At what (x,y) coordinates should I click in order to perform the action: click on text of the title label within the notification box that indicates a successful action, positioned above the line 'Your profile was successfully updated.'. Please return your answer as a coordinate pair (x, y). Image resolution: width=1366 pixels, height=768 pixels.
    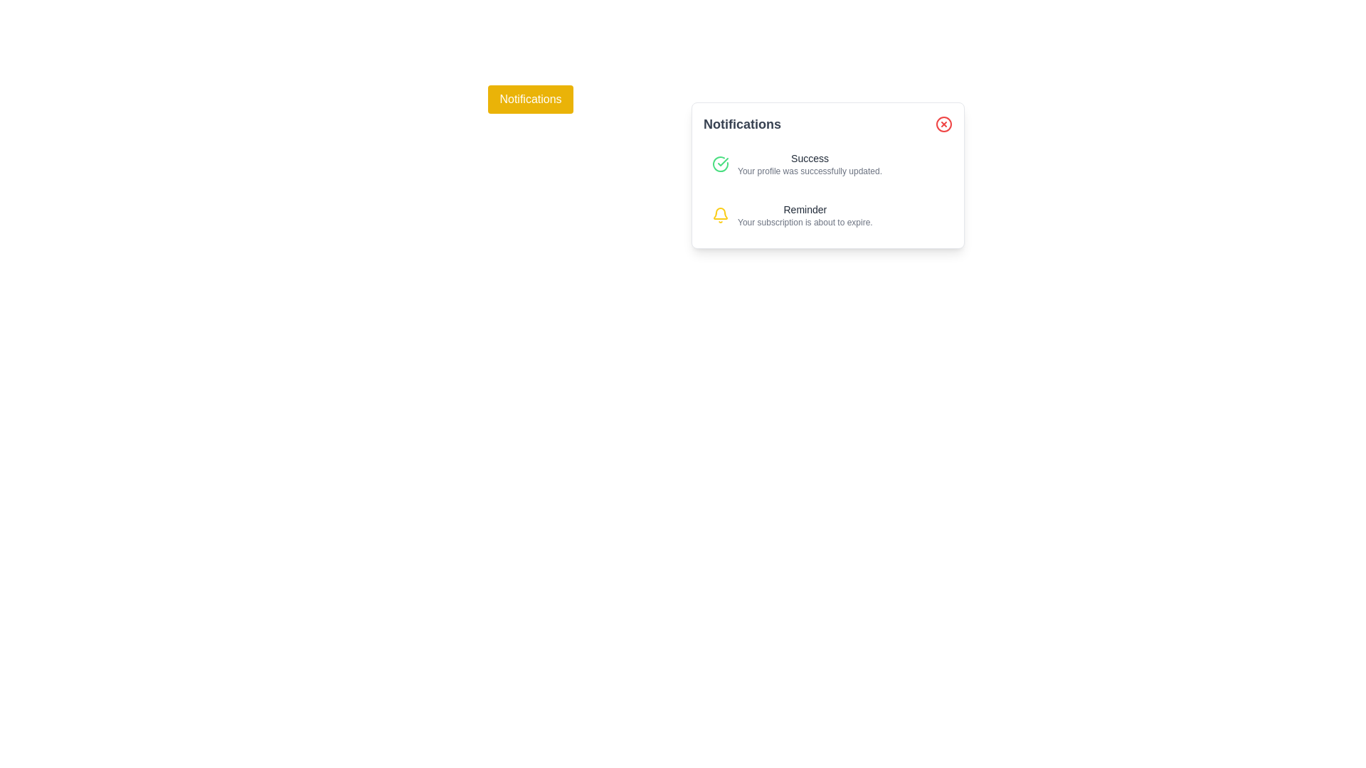
    Looking at the image, I should click on (810, 159).